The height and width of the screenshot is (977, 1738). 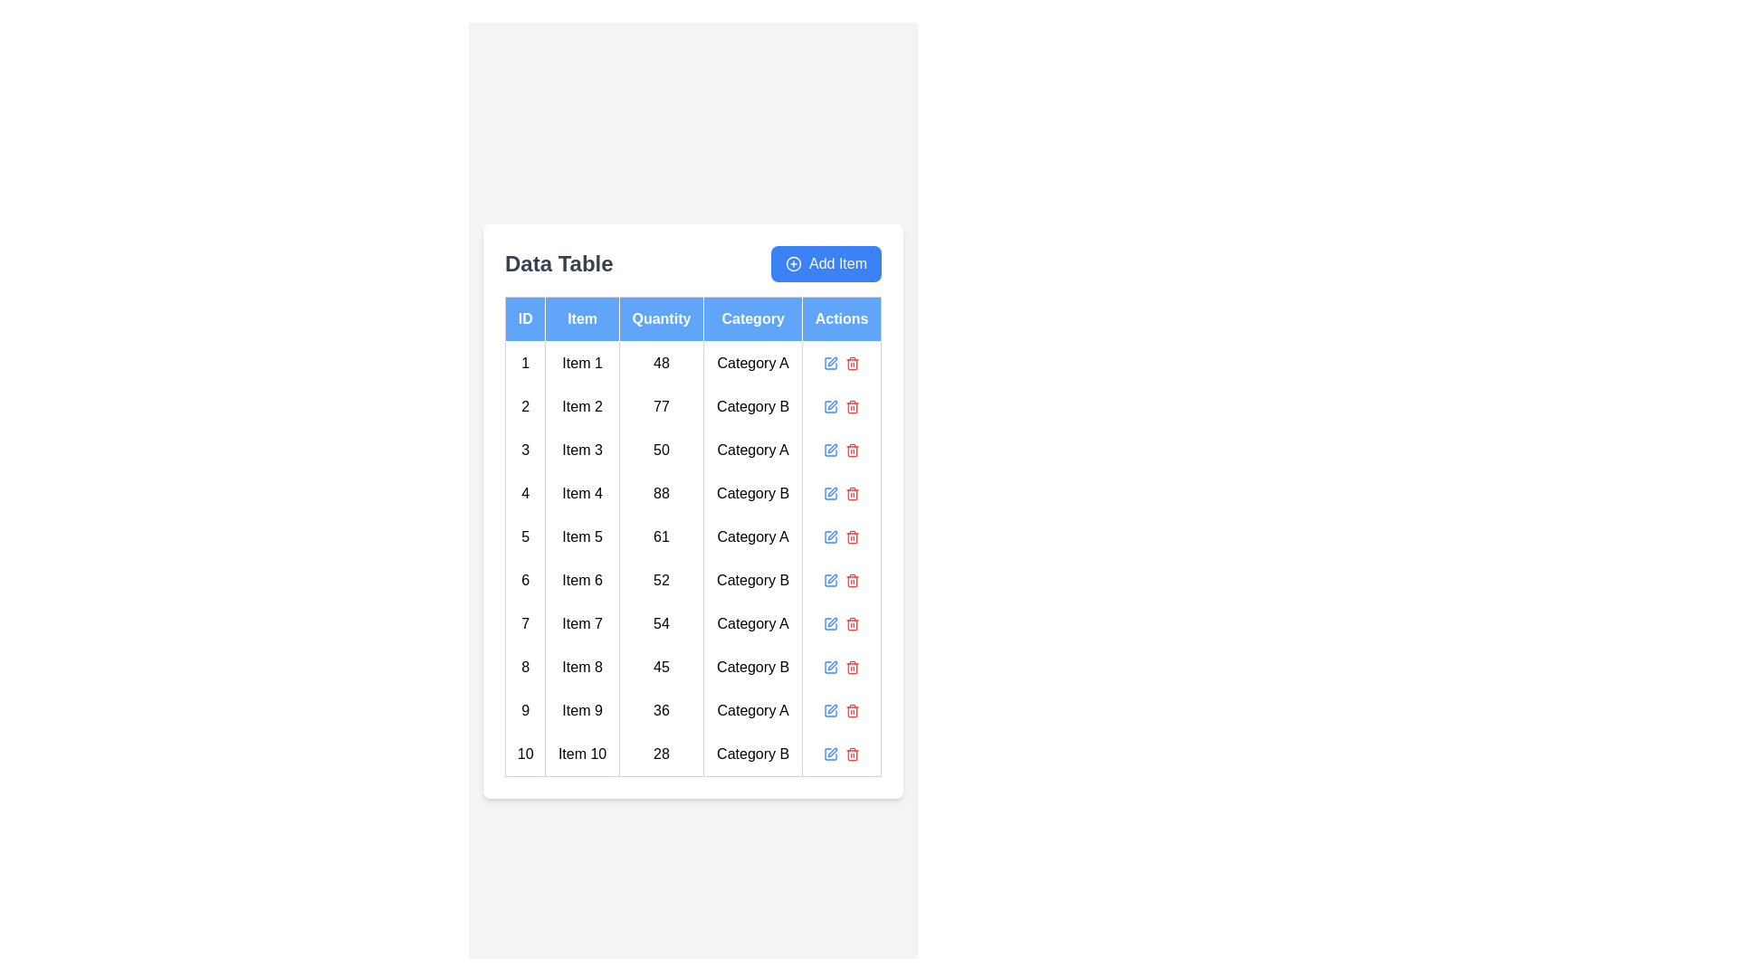 I want to click on the text label 'Actions', which is the fifth column header in a table with a blue background and white text, located at the top-right corner of the header row, so click(x=841, y=318).